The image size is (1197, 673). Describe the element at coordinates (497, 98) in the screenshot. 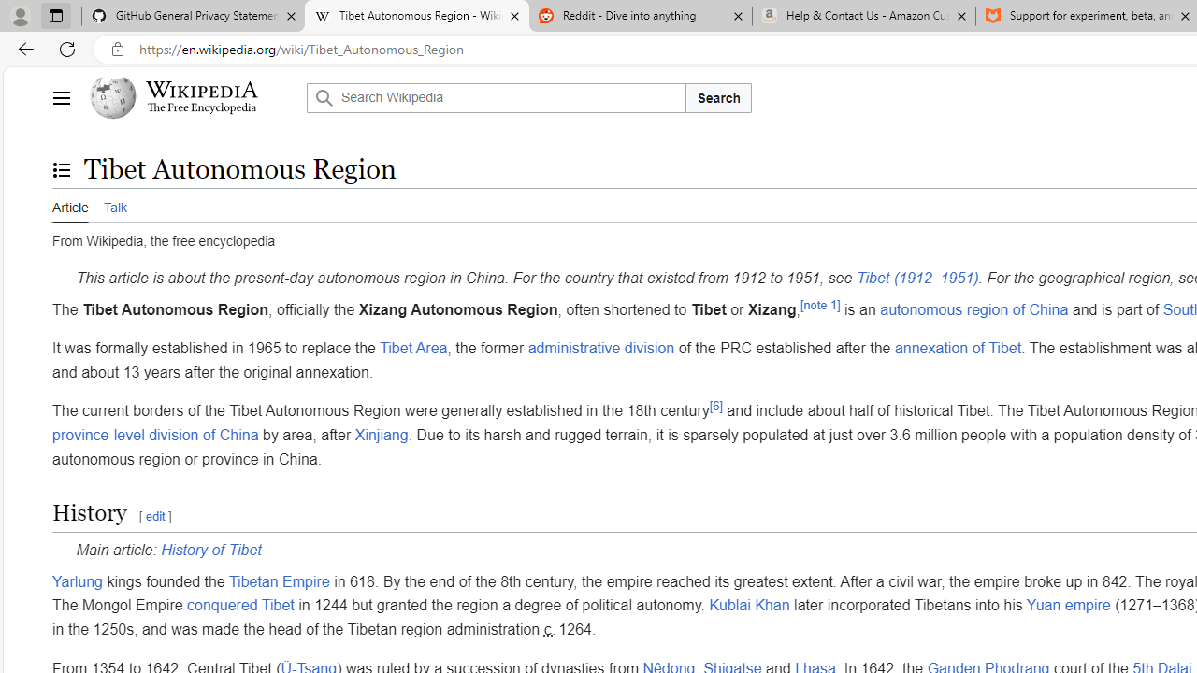

I see `'Search Wikipedia'` at that location.